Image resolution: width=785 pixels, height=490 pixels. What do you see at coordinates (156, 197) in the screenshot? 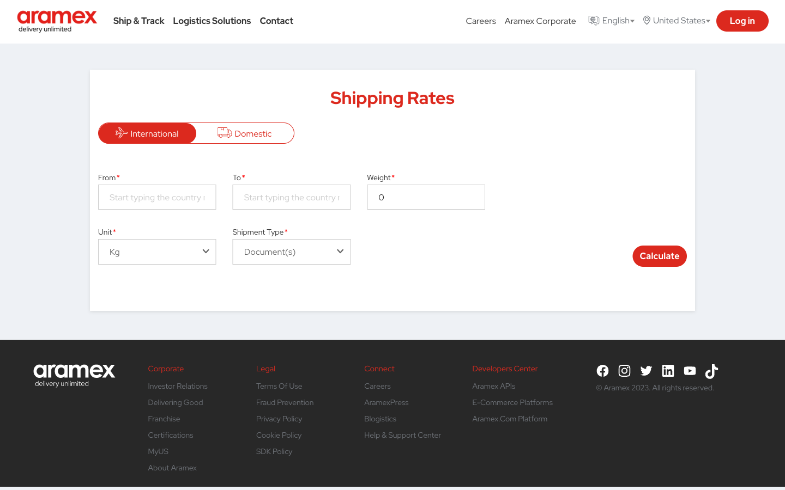
I see `Calculate the price to send a document from United States to India with weight in Kg by filling these details` at bounding box center [156, 197].